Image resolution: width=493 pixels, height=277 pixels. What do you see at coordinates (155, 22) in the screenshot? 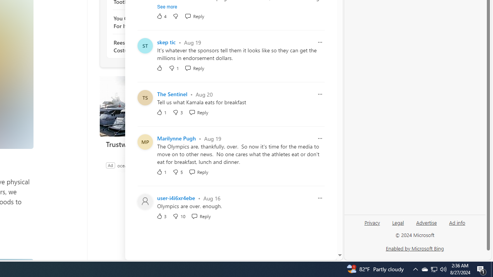
I see `'You Can Grab An iPad At Amazon For Its Lowest Price Ever'` at bounding box center [155, 22].